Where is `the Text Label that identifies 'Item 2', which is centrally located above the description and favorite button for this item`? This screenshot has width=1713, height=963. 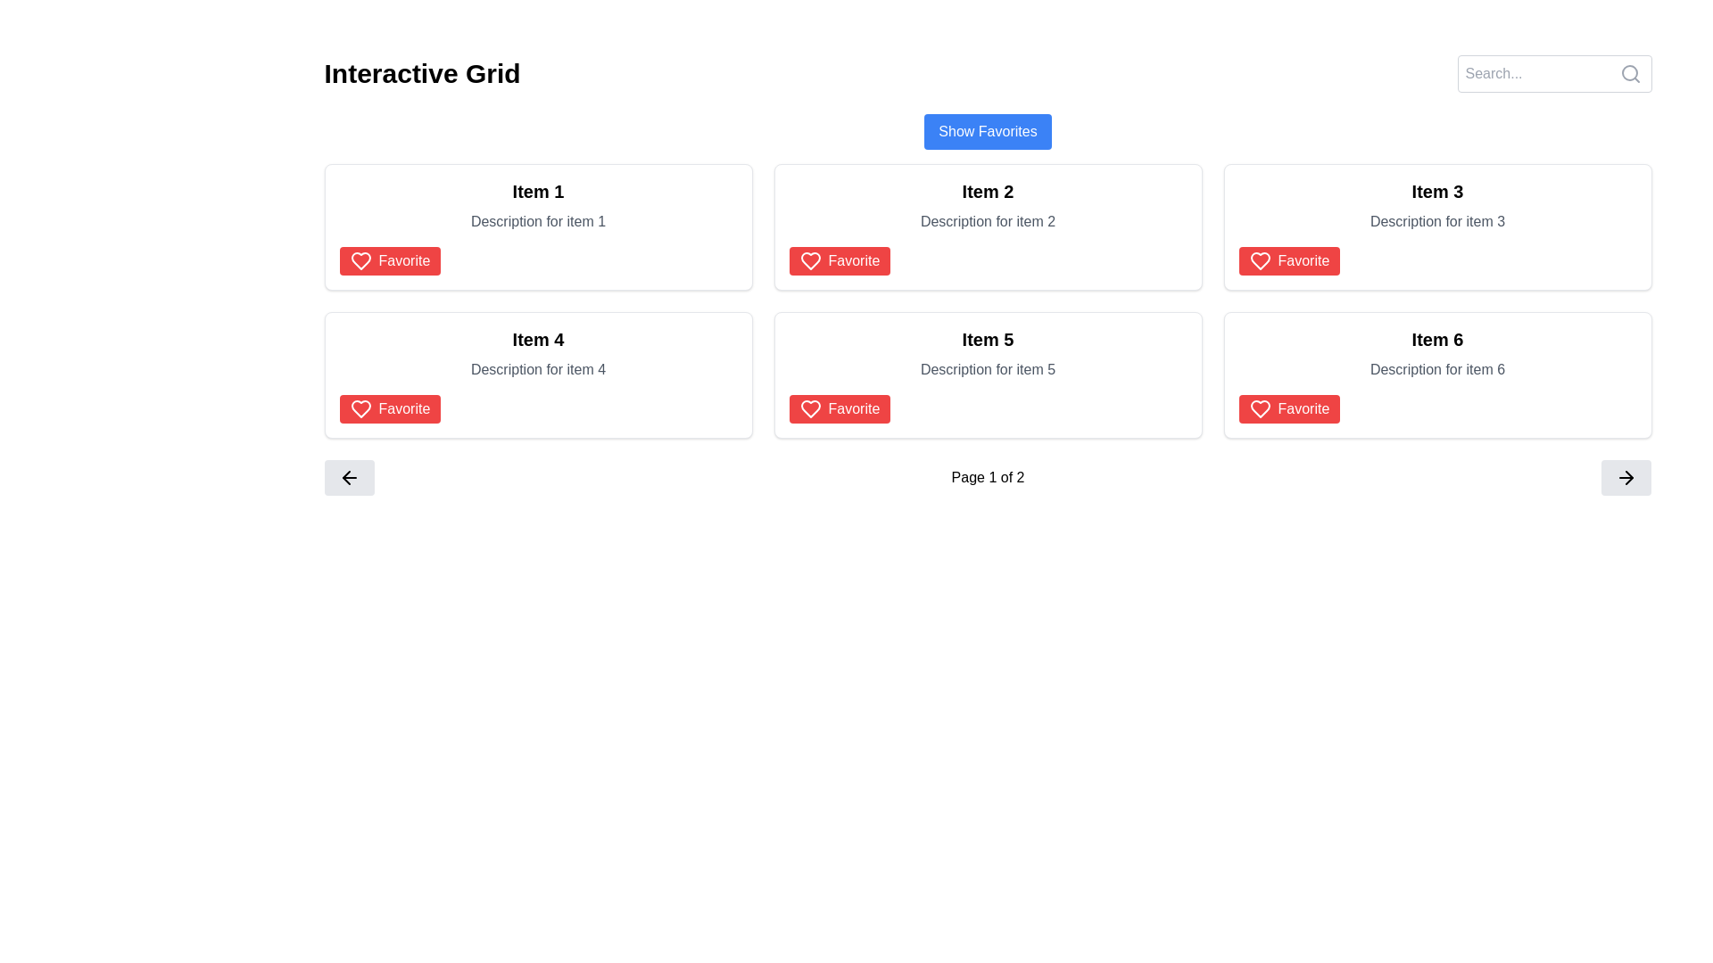
the Text Label that identifies 'Item 2', which is centrally located above the description and favorite button for this item is located at coordinates (987, 192).